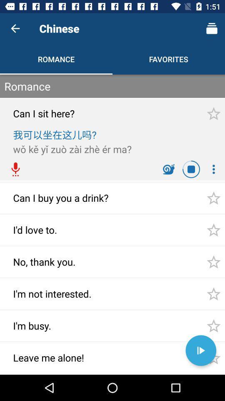 This screenshot has height=401, width=225. What do you see at coordinates (214, 198) in the screenshot?
I see `the second star from top` at bounding box center [214, 198].